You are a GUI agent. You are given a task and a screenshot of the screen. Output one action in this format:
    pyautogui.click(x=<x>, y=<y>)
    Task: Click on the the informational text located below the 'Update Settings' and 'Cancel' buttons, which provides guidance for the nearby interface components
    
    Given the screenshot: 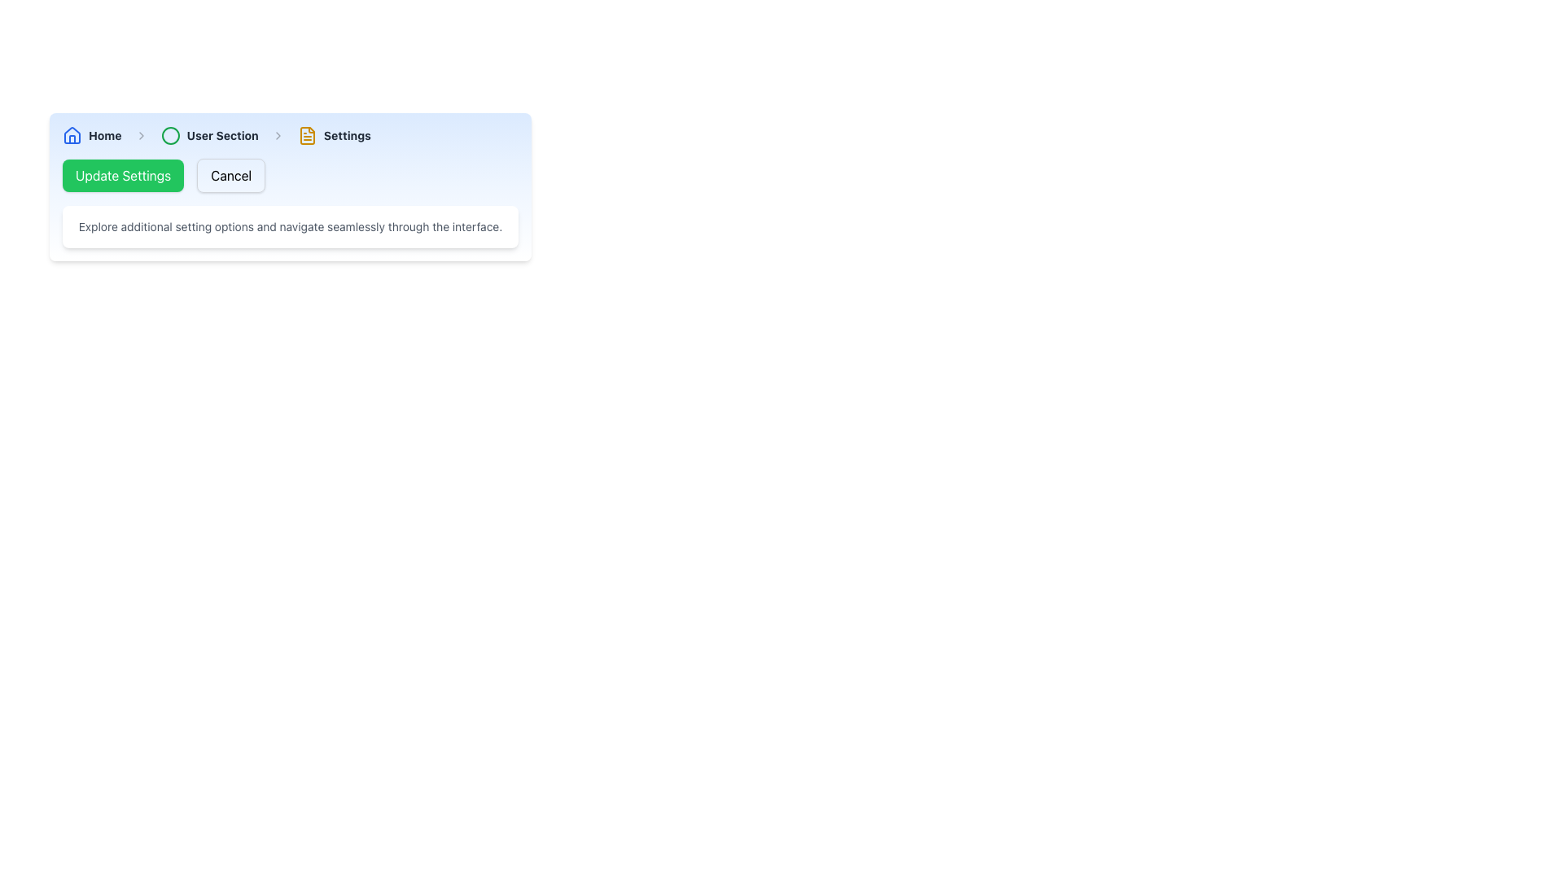 What is the action you would take?
    pyautogui.click(x=290, y=226)
    